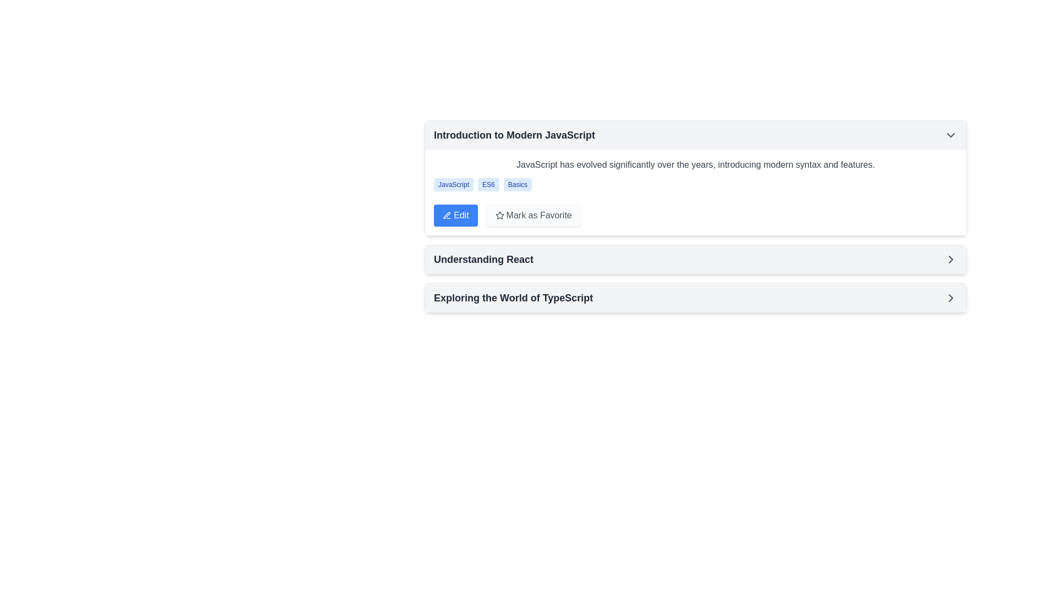  Describe the element at coordinates (695, 165) in the screenshot. I see `the static text element providing an introduction or summary in the 'Introduction to Modern JavaScript' card, located above the tags 'JavaScript', 'ES6', and 'Basics'` at that location.